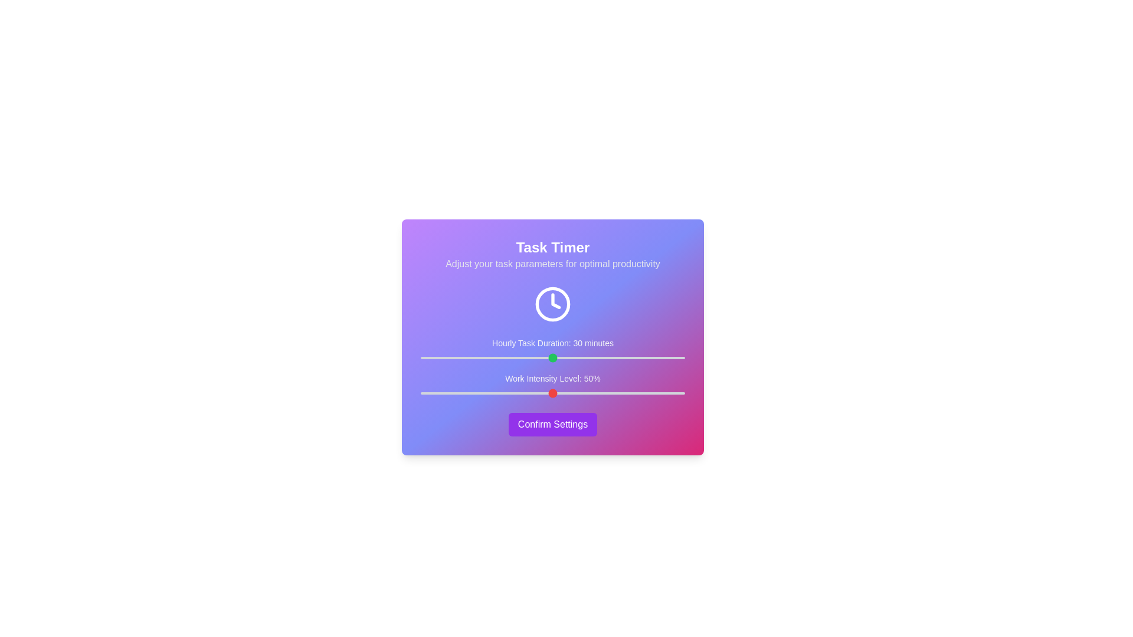  What do you see at coordinates (442, 357) in the screenshot?
I see `the 'Hourly Task Duration' slider to 5 minutes` at bounding box center [442, 357].